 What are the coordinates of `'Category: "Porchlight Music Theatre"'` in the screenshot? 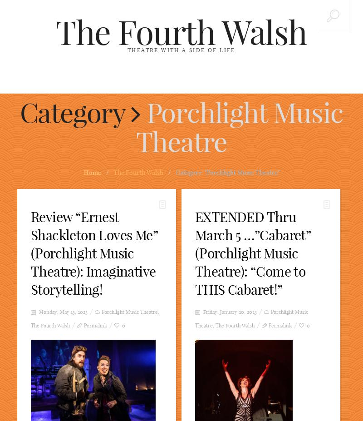 It's located at (227, 172).